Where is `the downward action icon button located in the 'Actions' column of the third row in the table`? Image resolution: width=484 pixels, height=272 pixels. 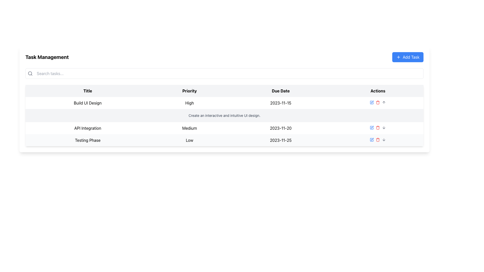 the downward action icon button located in the 'Actions' column of the third row in the table is located at coordinates (384, 127).